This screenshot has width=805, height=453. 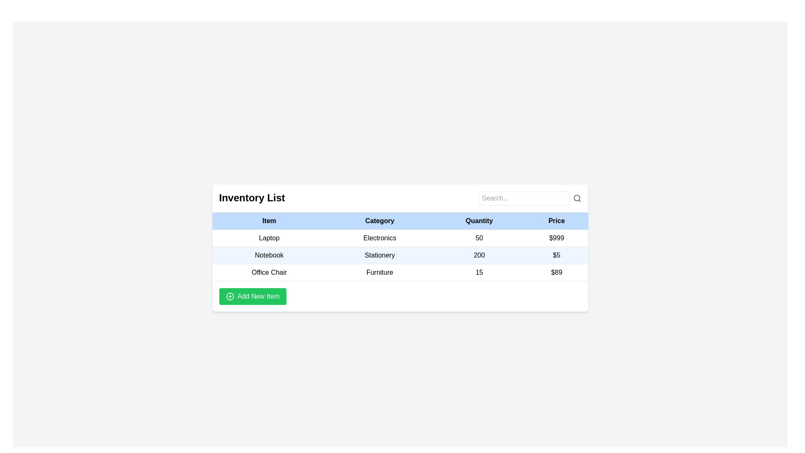 I want to click on the numeral '15' in the 'Quantity' column for the item 'Office Chair', which is displayed in black text on a white background, so click(x=479, y=272).